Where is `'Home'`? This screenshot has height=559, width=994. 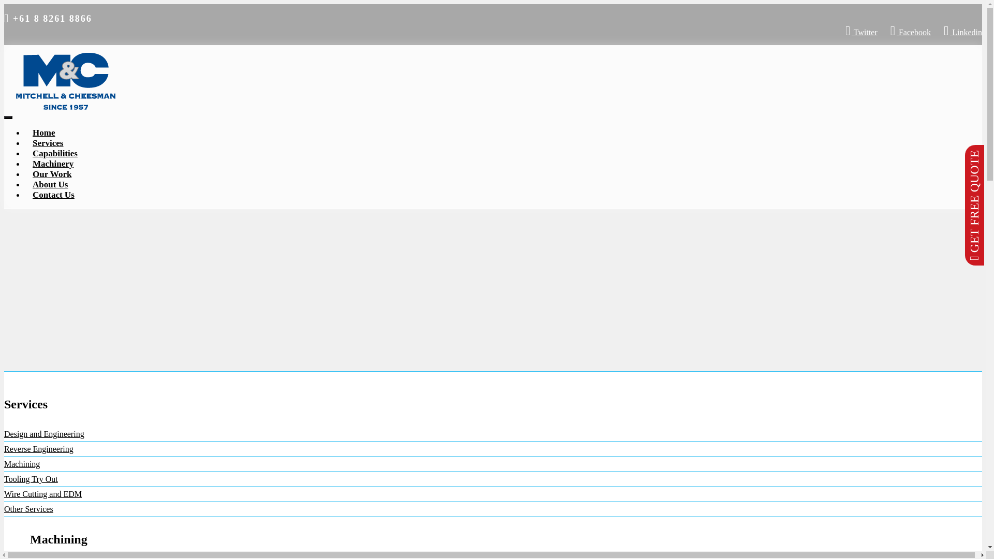 'Home' is located at coordinates (43, 132).